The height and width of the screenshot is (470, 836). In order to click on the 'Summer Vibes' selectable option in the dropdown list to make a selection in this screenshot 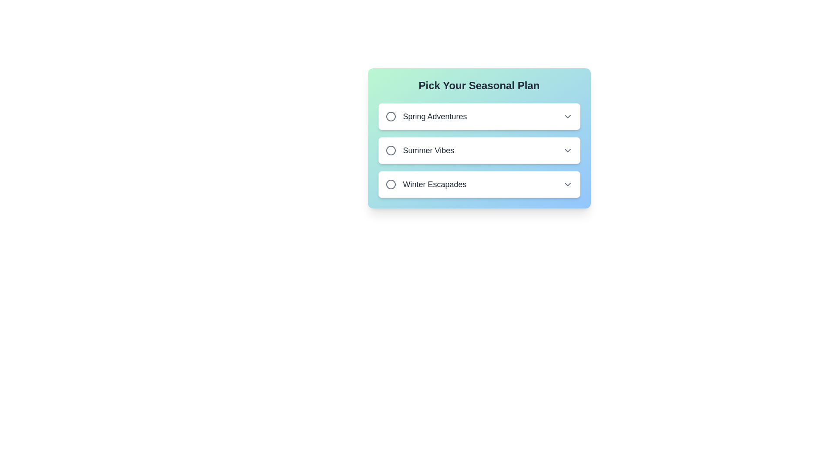, I will do `click(479, 150)`.